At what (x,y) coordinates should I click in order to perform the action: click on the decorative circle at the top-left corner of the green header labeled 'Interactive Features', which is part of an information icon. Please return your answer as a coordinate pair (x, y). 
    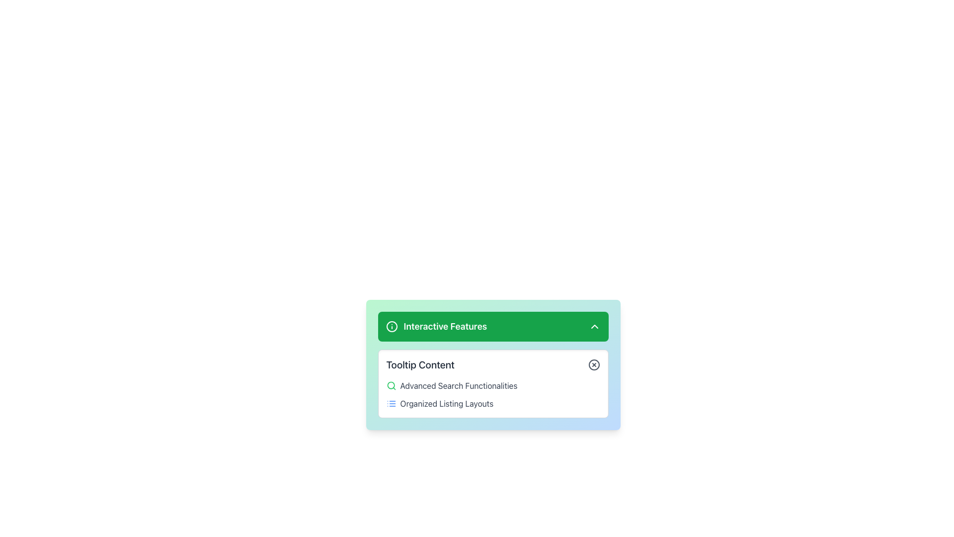
    Looking at the image, I should click on (391, 326).